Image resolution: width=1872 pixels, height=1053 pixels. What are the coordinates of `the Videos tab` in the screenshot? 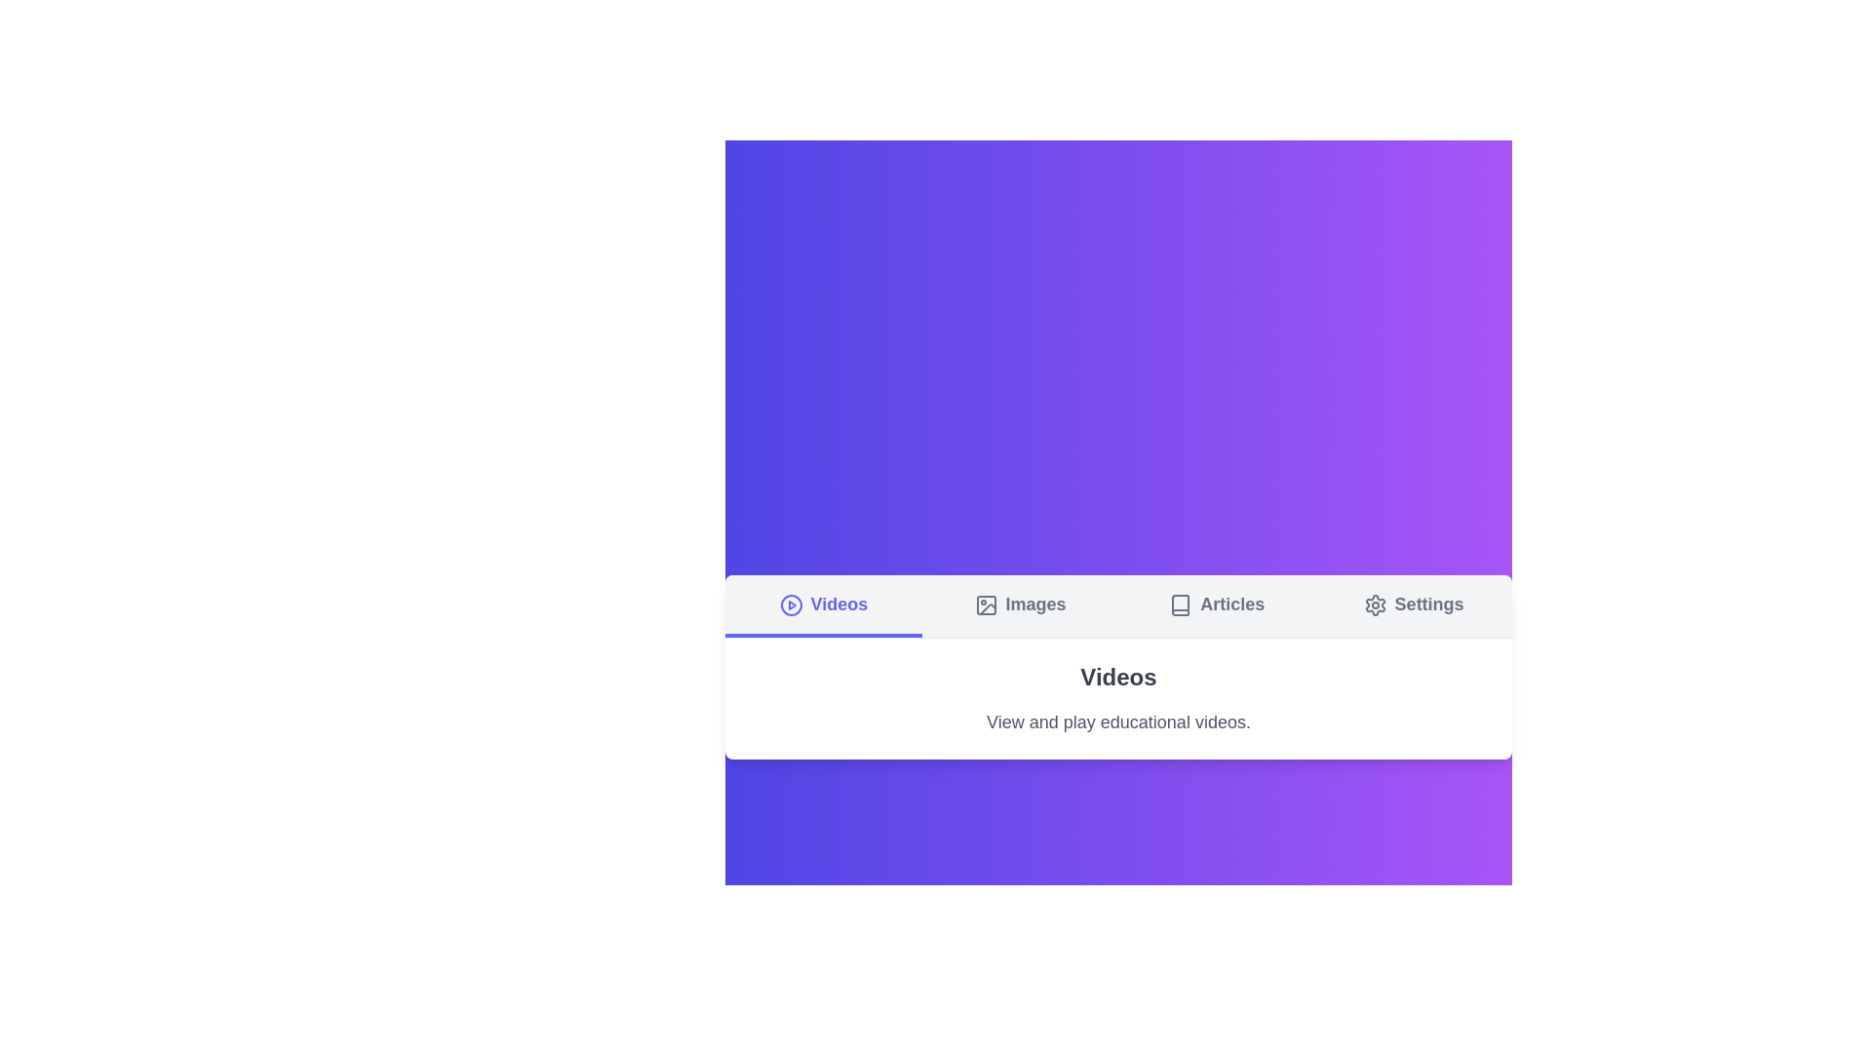 It's located at (823, 604).